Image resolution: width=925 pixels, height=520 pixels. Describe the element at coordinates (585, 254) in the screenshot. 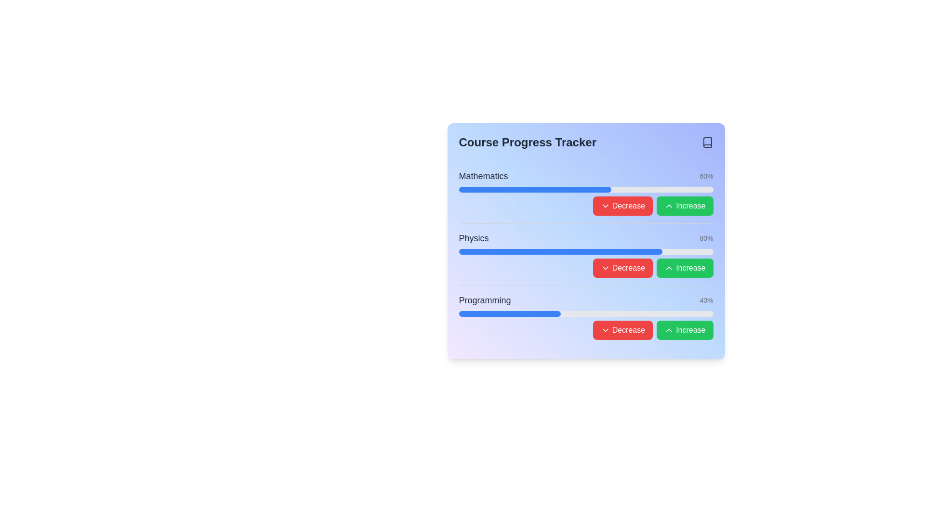

I see `the progress bar for the course 'Physics', which displays '80%' completion and has interactive buttons 'Decrease' and 'Increase' below it` at that location.